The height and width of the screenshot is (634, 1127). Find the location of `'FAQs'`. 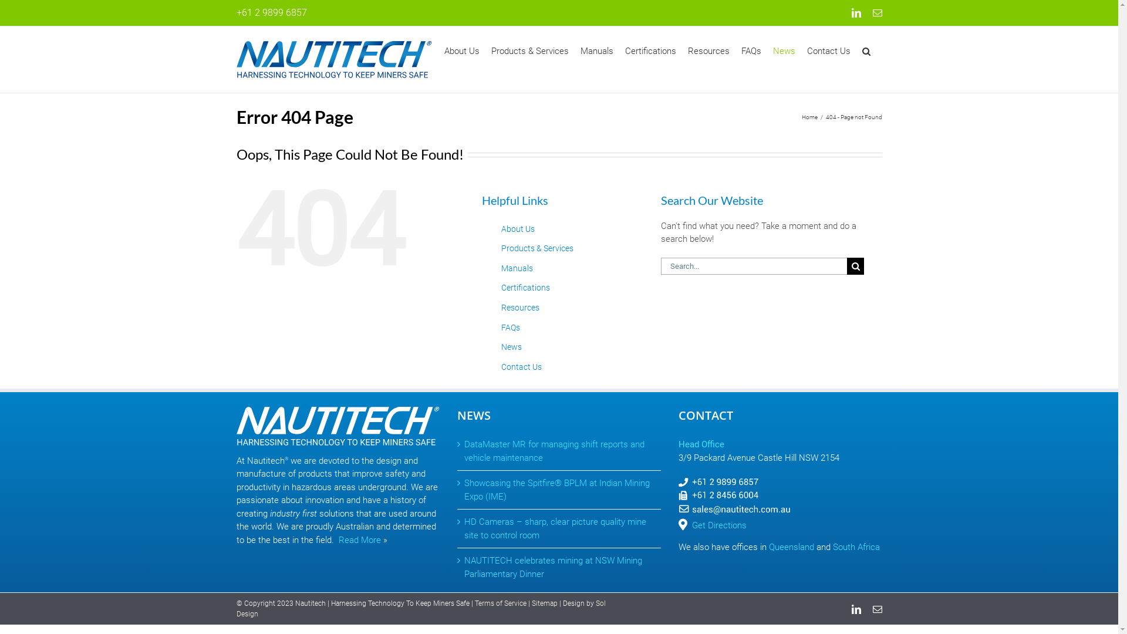

'FAQs' is located at coordinates (510, 328).